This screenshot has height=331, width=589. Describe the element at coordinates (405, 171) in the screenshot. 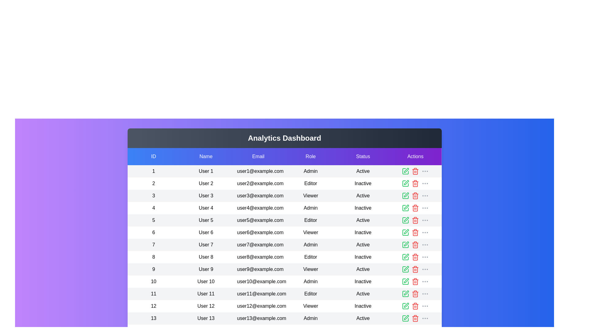

I see `the edit icon for the user with ID 1` at that location.